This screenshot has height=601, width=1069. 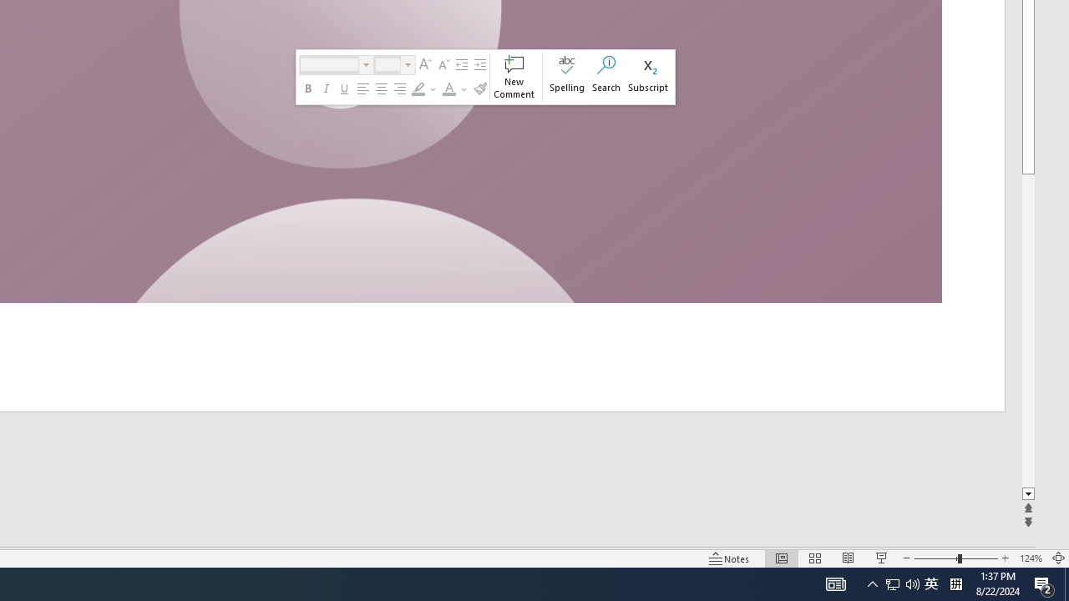 What do you see at coordinates (484, 77) in the screenshot?
I see `'Class: NetUIToolWindow'` at bounding box center [484, 77].